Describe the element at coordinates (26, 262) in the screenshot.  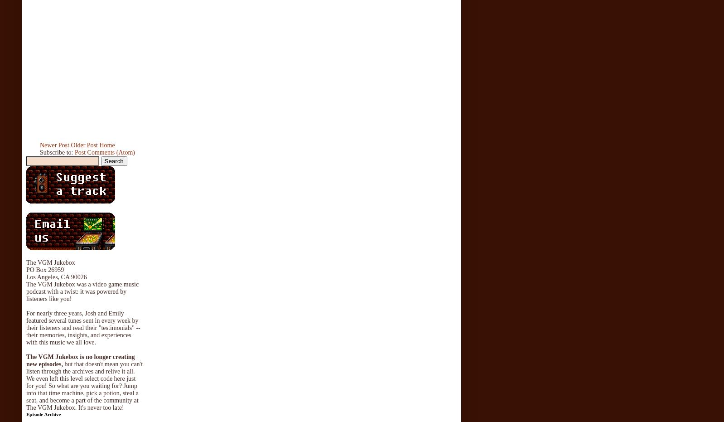
I see `'The VGM Jukebox'` at that location.